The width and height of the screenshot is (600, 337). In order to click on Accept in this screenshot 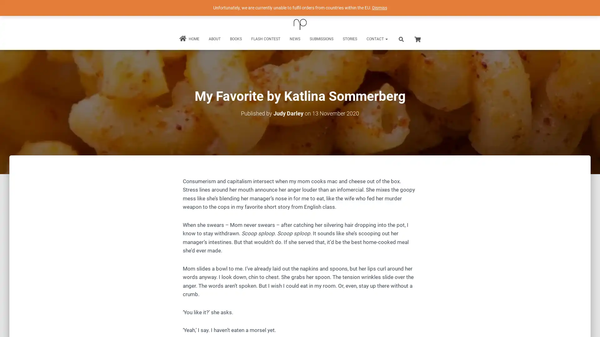, I will do `click(392, 327)`.